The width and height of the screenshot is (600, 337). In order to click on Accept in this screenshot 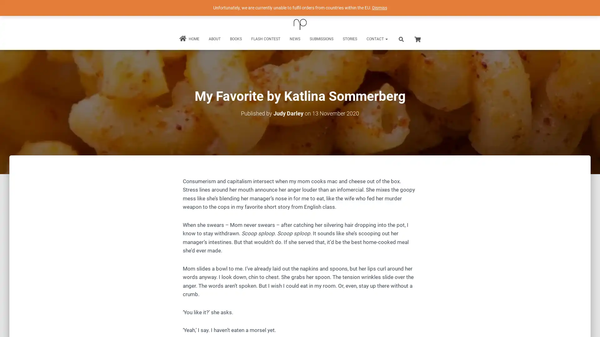, I will do `click(392, 327)`.